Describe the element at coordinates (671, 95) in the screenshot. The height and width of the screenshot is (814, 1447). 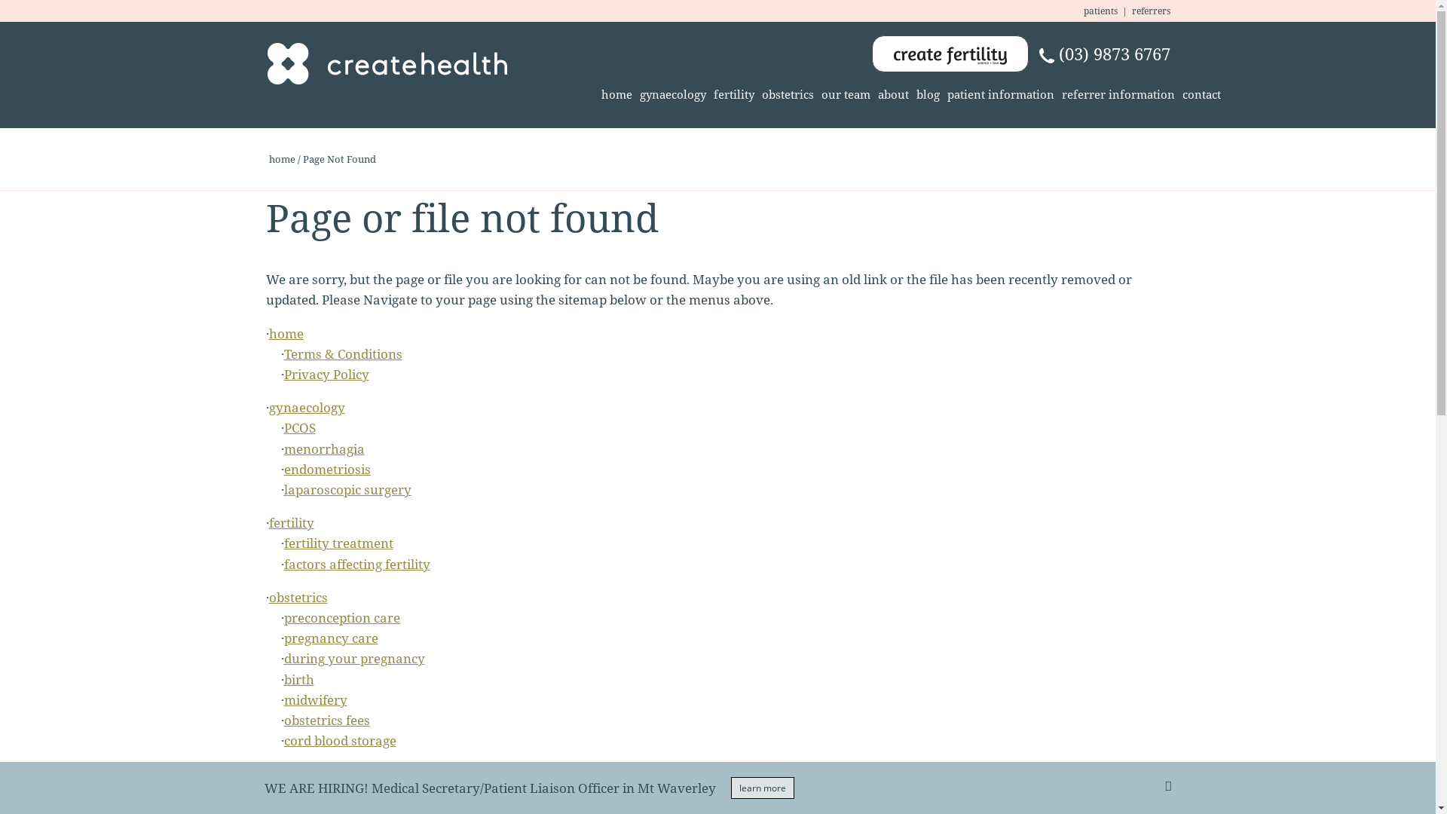
I see `'gynaecology'` at that location.